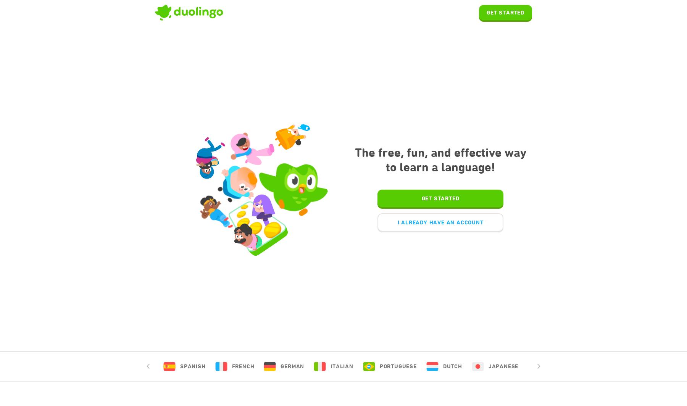  Describe the element at coordinates (488, 366) in the screenshot. I see `'Japanese'` at that location.